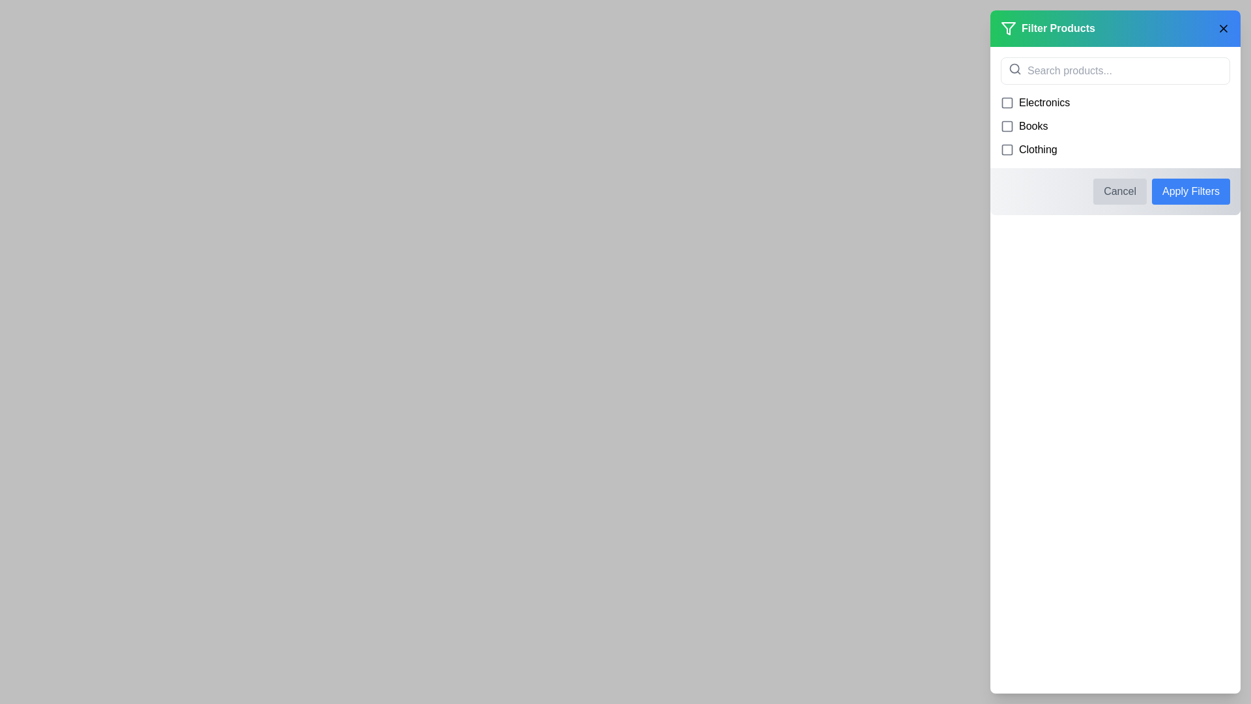 Image resolution: width=1251 pixels, height=704 pixels. I want to click on the close icon button located at the top-right corner of the green header bar labeled 'Filter Products', so click(1222, 28).